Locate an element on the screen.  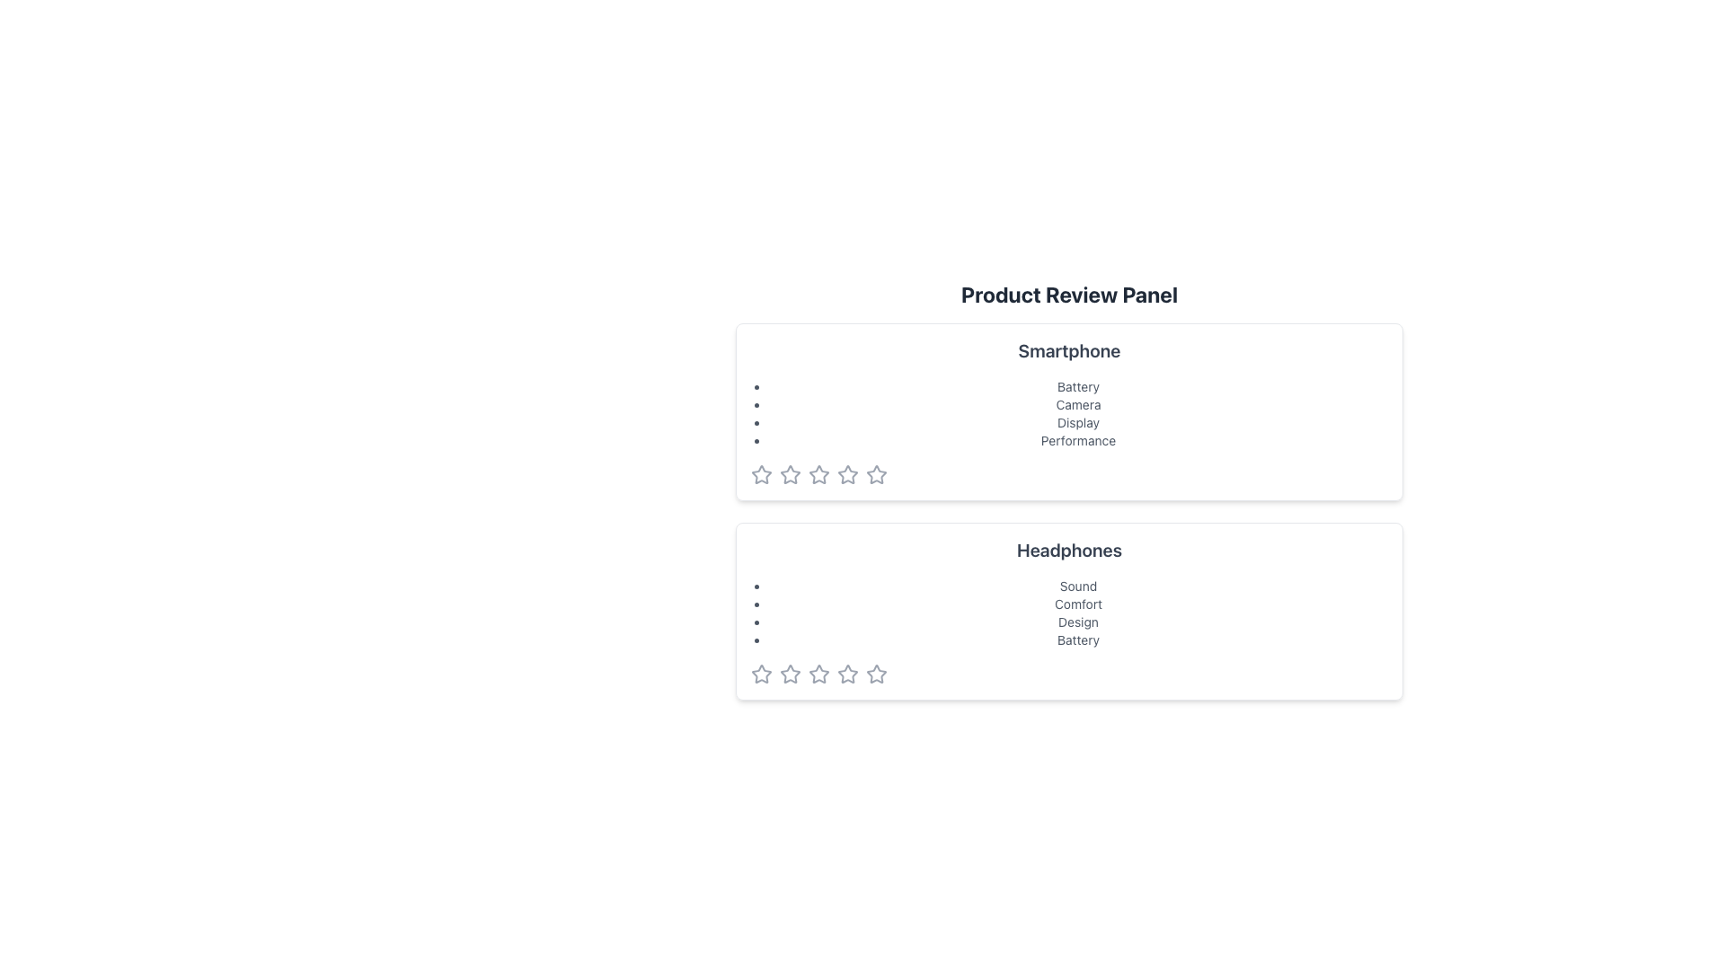
the 'Camera' text label, which is the second item in the review list section titled 'Smartphone', positioned between 'Battery' and 'Display' is located at coordinates (1078, 405).